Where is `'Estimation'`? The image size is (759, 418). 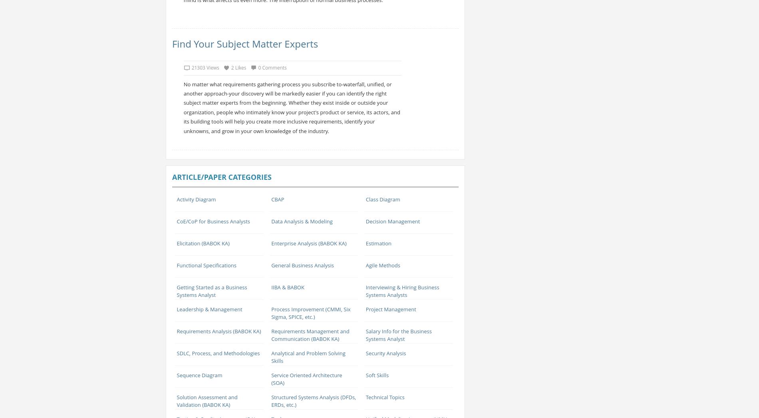 'Estimation' is located at coordinates (378, 243).